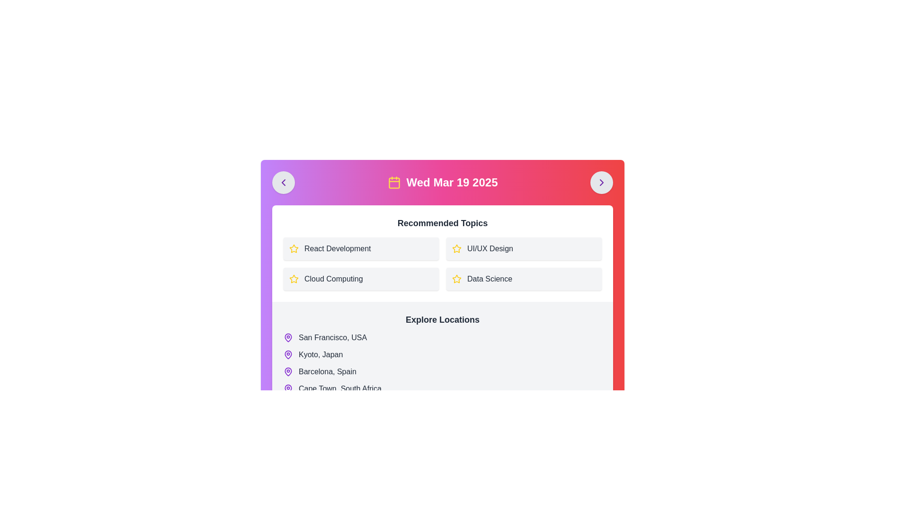  I want to click on the left chevron icon, which is part of a circular button located in the top left corner of the interface, so click(283, 182).